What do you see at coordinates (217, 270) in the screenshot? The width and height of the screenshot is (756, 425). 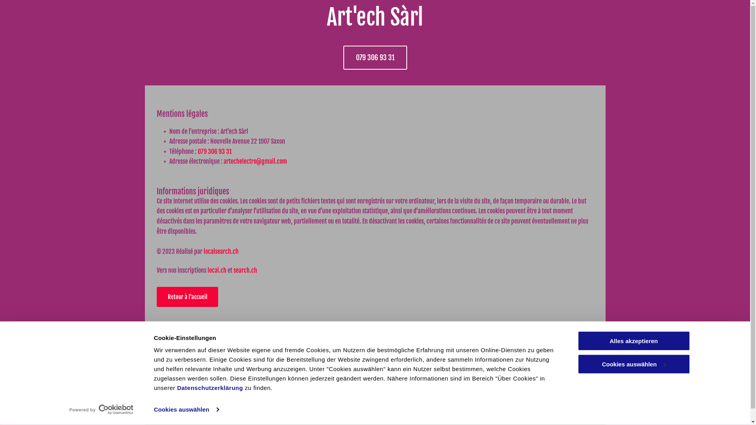 I see `'local.ch'` at bounding box center [217, 270].